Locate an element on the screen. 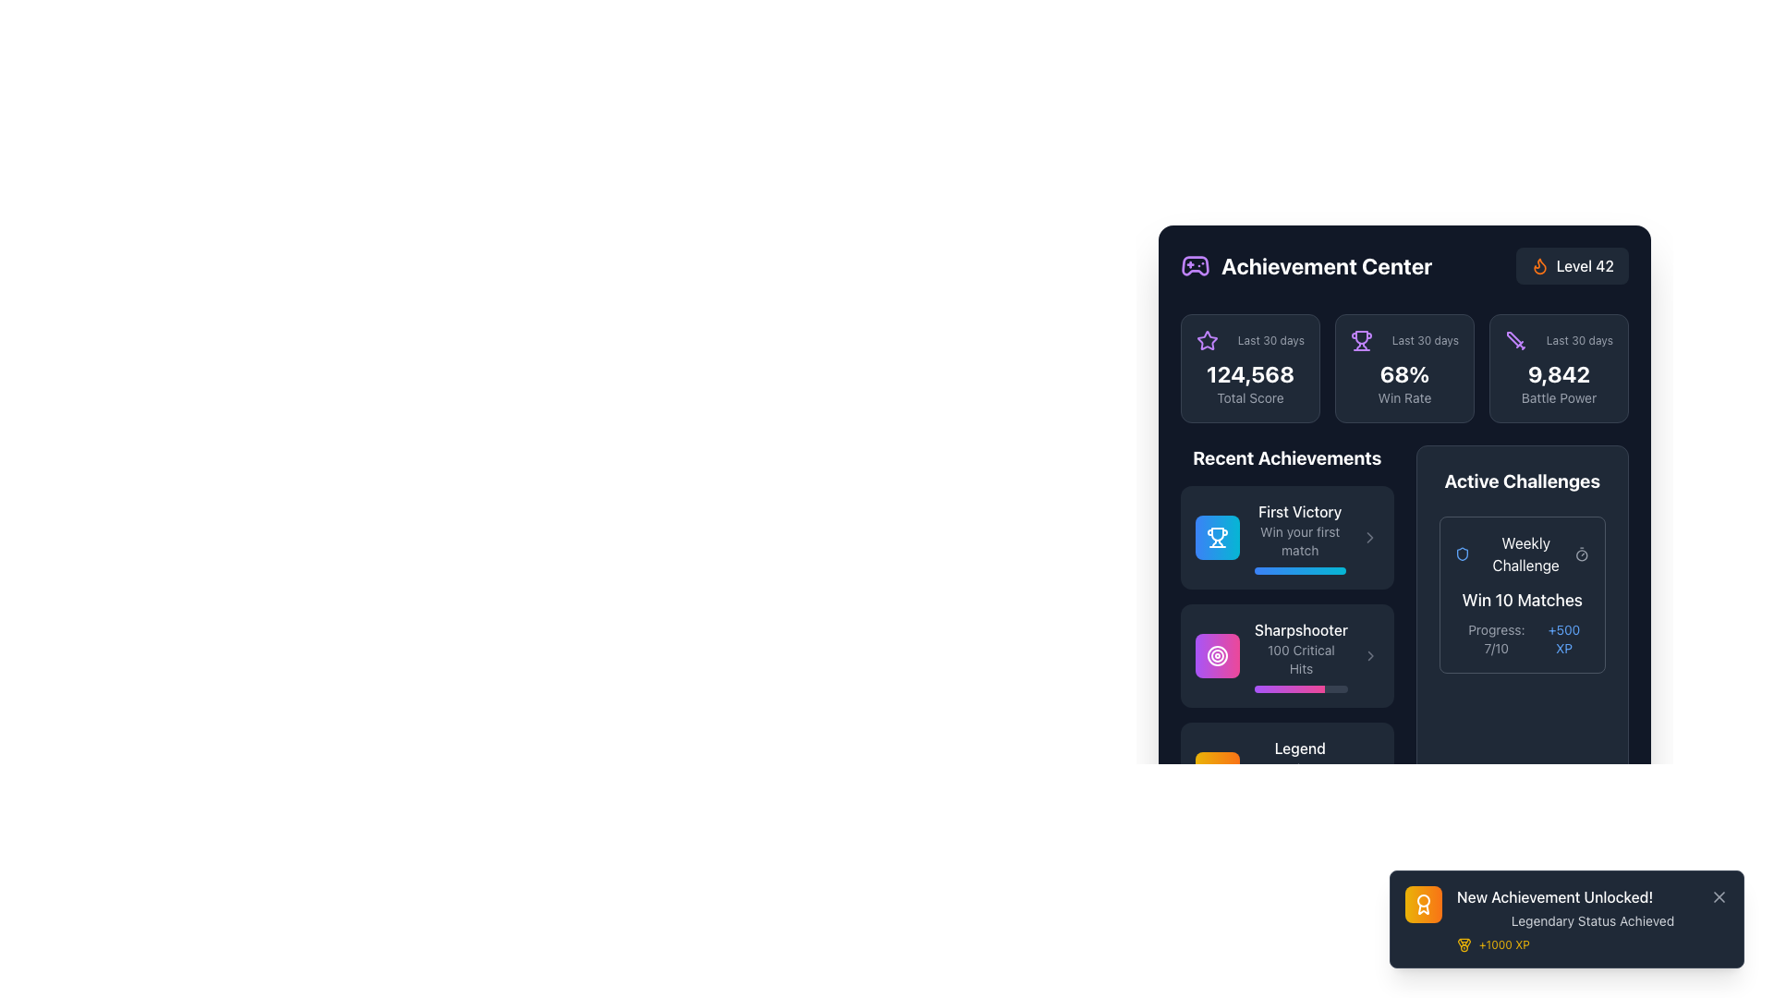  the 'First Victory' achievement text block located in the 'Recent Achievements' section, which is the upper-left item in the list is located at coordinates (1299, 538).